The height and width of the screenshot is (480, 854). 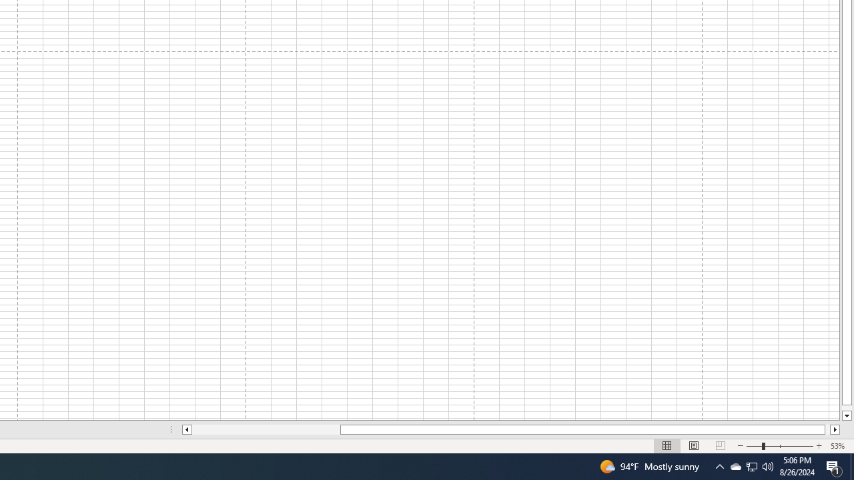 What do you see at coordinates (185, 429) in the screenshot?
I see `'Column left'` at bounding box center [185, 429].